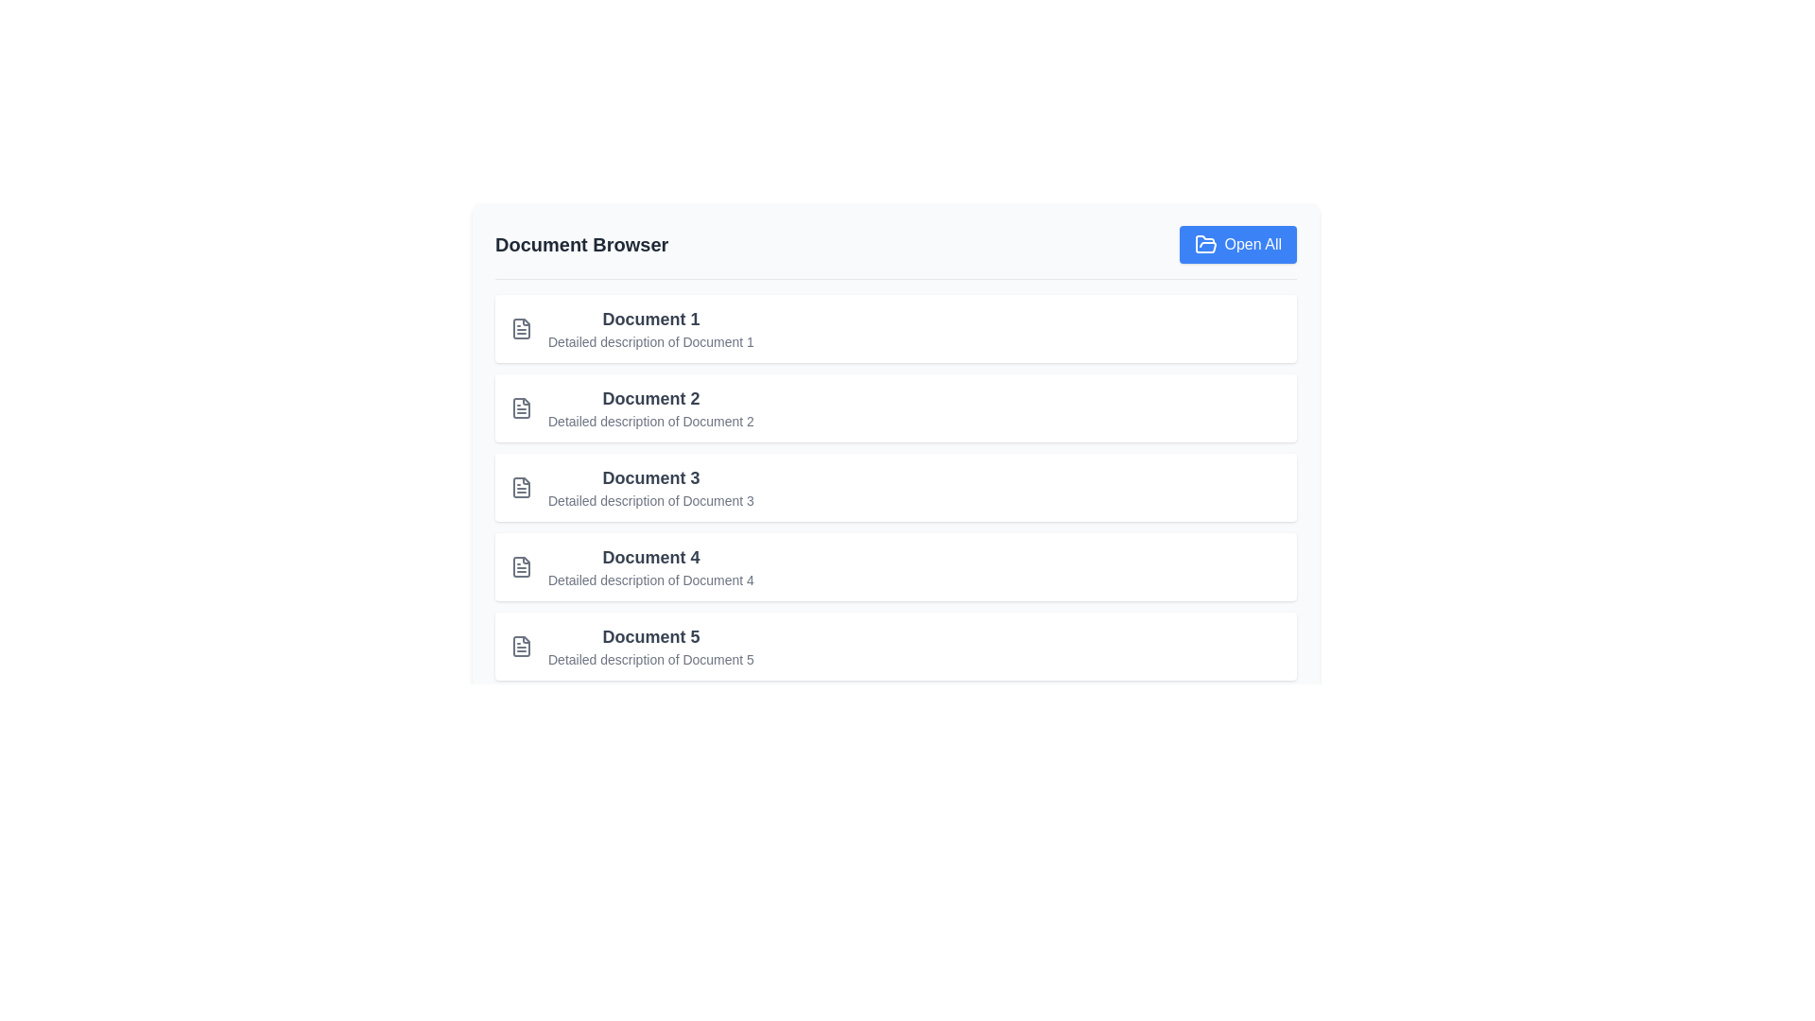  Describe the element at coordinates (650, 327) in the screenshot. I see `the text block displaying 'Document 1' and its description, which is the top element in a card-styled list, indicating its importance` at that location.